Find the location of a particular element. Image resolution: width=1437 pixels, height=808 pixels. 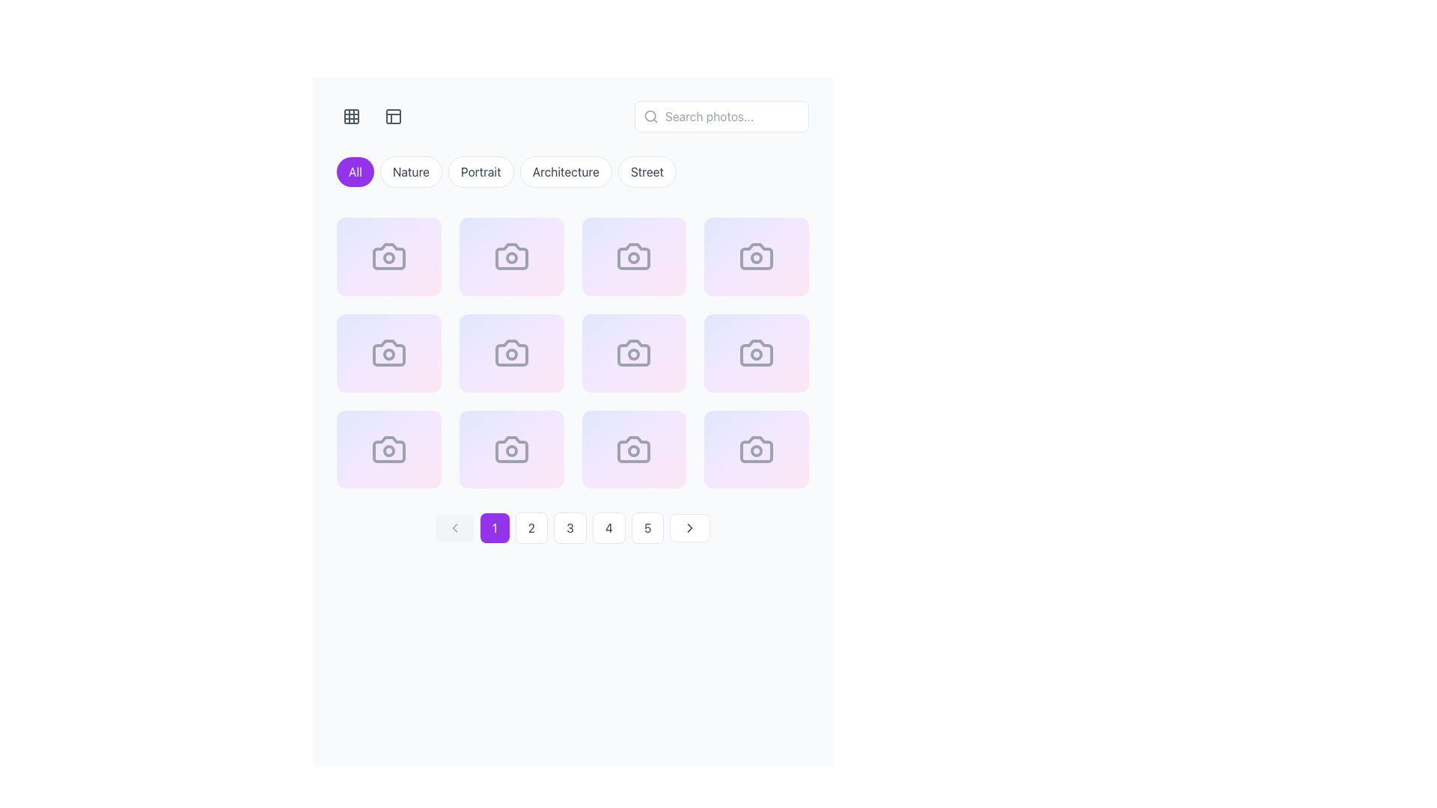

the active Circle indicating the highlighted state of the camera icon, which is the third item in the second row of the grid layout is located at coordinates (634, 257).